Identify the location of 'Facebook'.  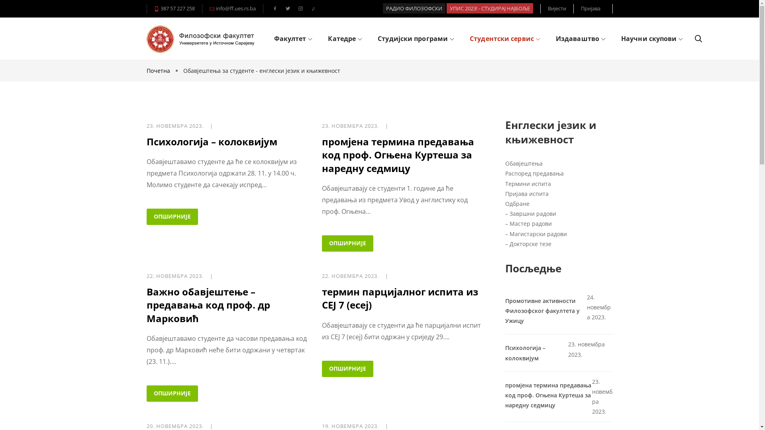
(275, 9).